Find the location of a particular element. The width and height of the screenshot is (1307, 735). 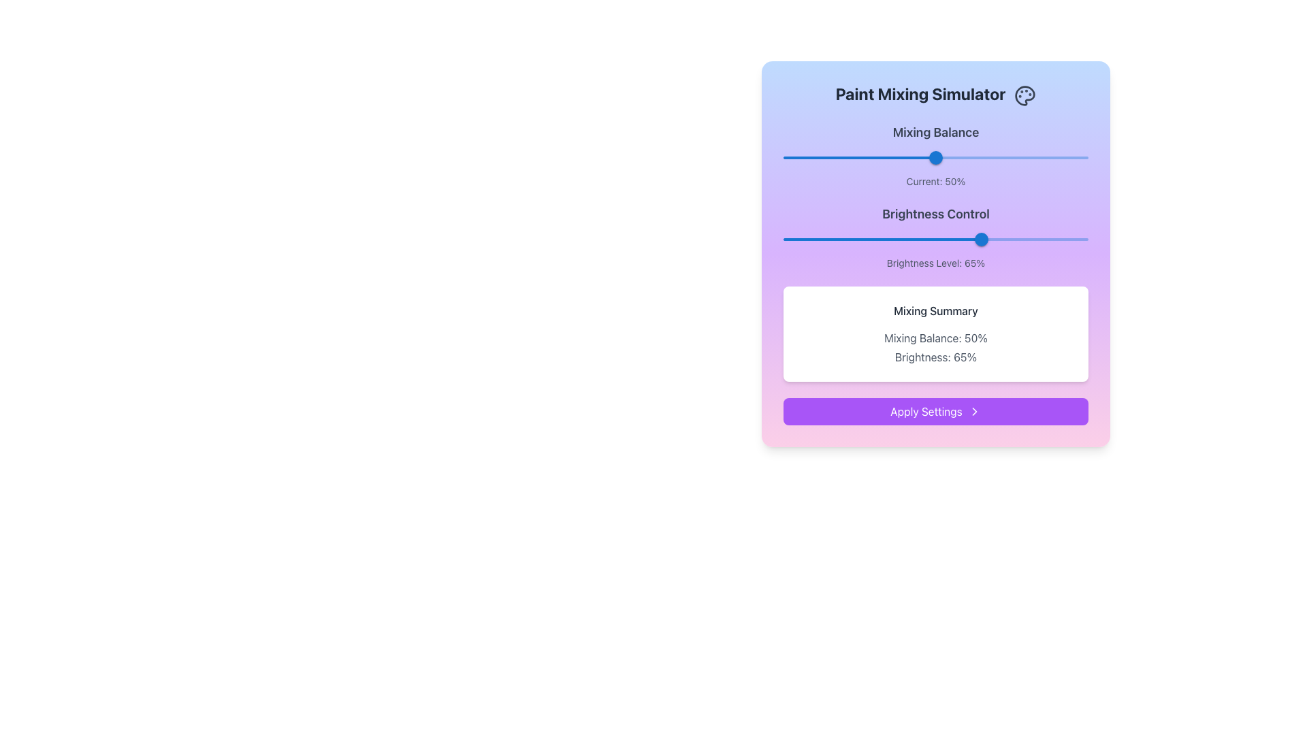

the 'Apply Settings' button, which is a rectangular button with a purple background and rounded corners, located at the bottom of the 'Paint Mixing Simulator' card is located at coordinates (935, 410).